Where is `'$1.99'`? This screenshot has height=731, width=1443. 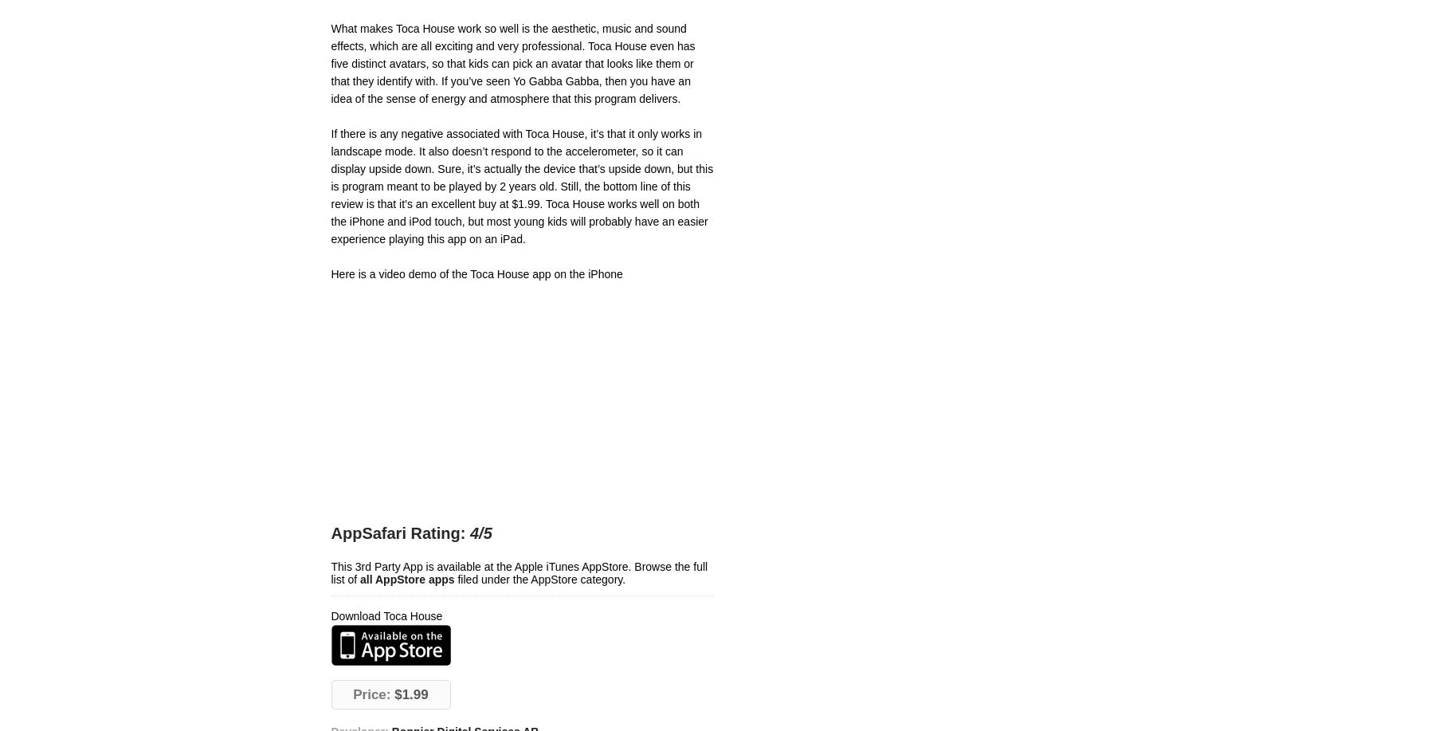 '$1.99' is located at coordinates (408, 694).